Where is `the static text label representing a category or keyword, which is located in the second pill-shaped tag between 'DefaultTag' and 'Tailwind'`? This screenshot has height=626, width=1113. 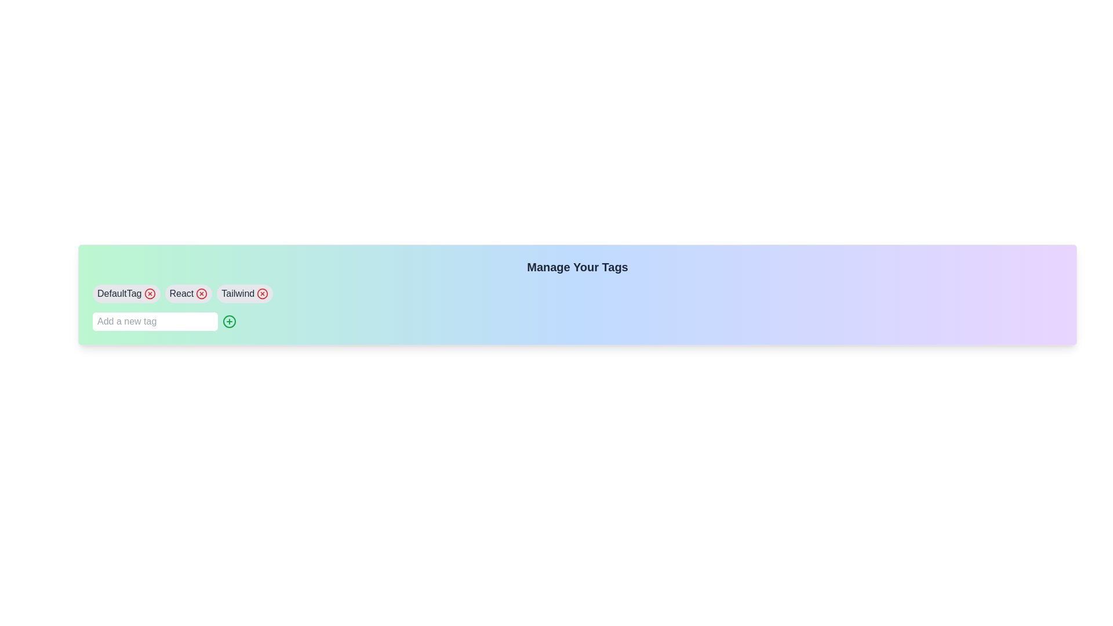
the static text label representing a category or keyword, which is located in the second pill-shaped tag between 'DefaultTag' and 'Tailwind' is located at coordinates (181, 293).